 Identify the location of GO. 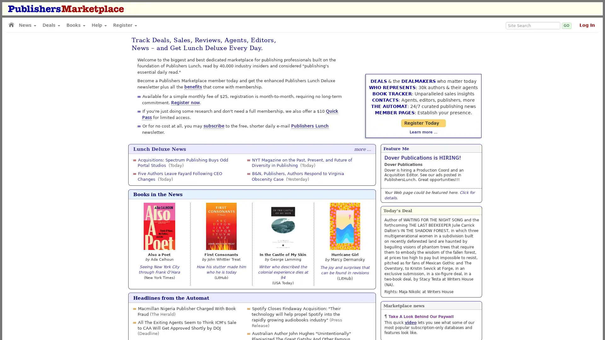
(567, 25).